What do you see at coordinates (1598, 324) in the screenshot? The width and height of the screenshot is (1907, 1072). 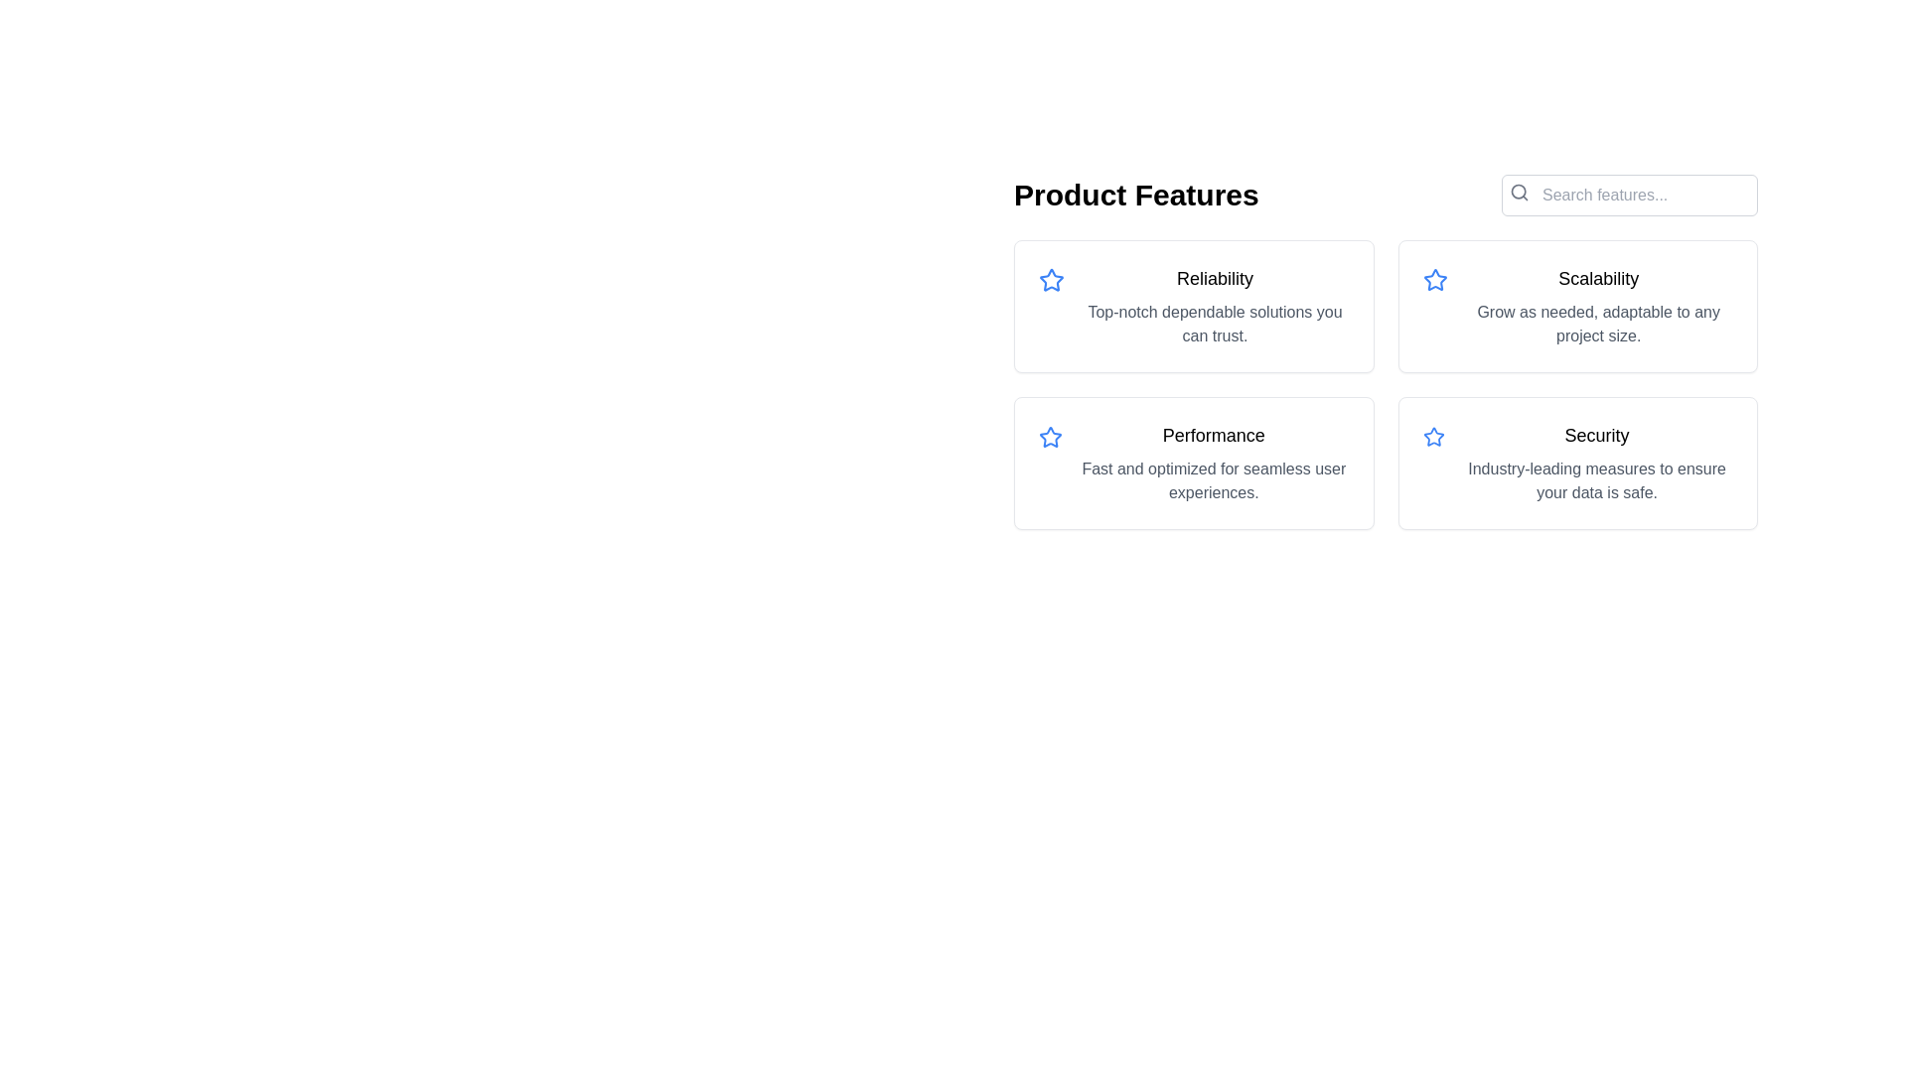 I see `descriptive text block located below the title 'Scalability' in the top-right corner of the feature description card for the 'Scalability' feature` at bounding box center [1598, 324].